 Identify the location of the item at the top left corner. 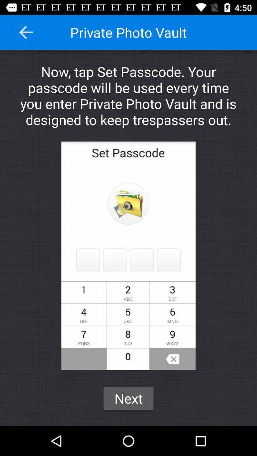
(26, 32).